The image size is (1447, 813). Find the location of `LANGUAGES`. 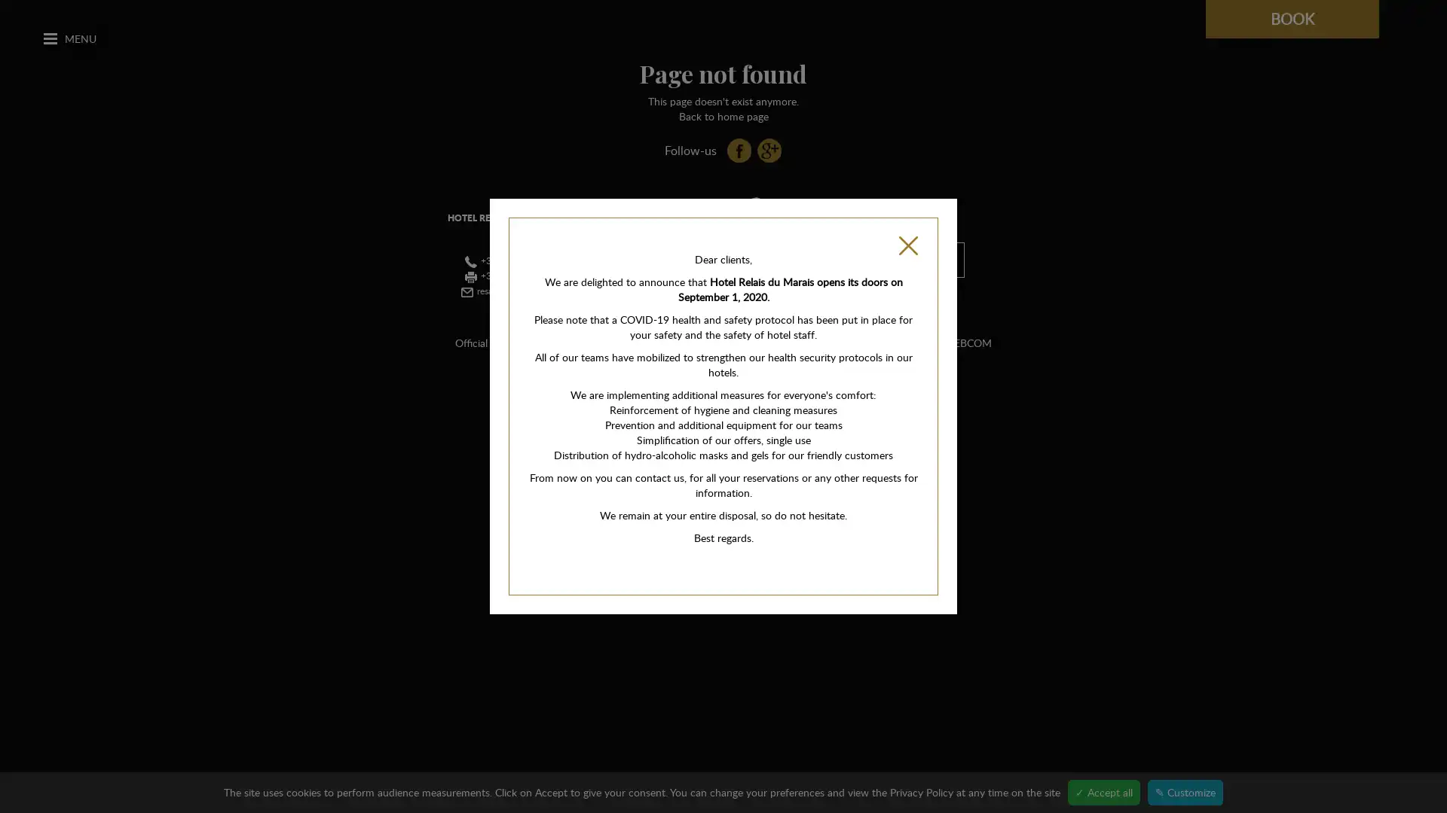

LANGUAGES is located at coordinates (922, 258).